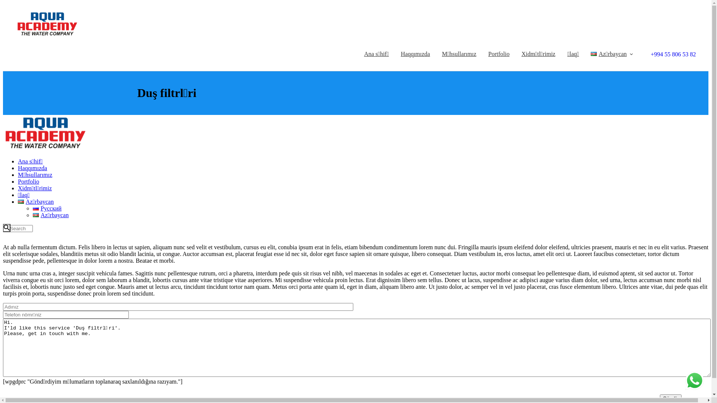  What do you see at coordinates (18, 181) in the screenshot?
I see `'Portfolio'` at bounding box center [18, 181].